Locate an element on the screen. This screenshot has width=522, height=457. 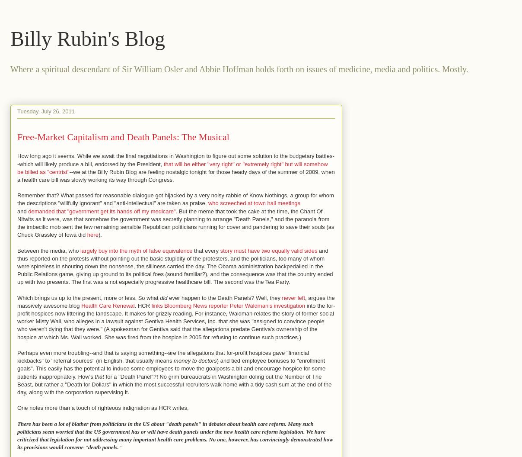
'ever happen to the Death Panels? Well, they' is located at coordinates (224, 297).